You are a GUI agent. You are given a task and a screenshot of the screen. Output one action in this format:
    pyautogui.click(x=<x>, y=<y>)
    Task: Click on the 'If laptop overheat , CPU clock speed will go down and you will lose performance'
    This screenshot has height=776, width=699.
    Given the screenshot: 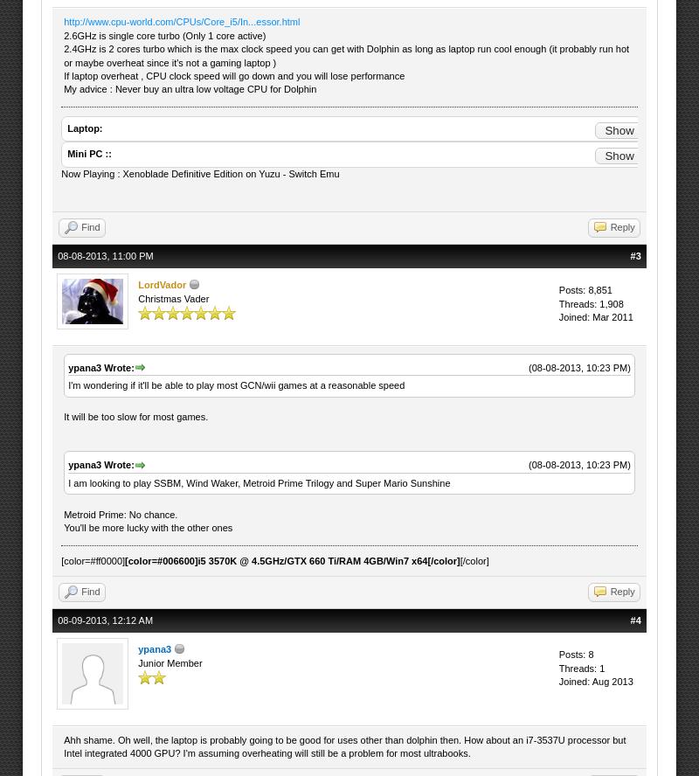 What is the action you would take?
    pyautogui.click(x=234, y=75)
    